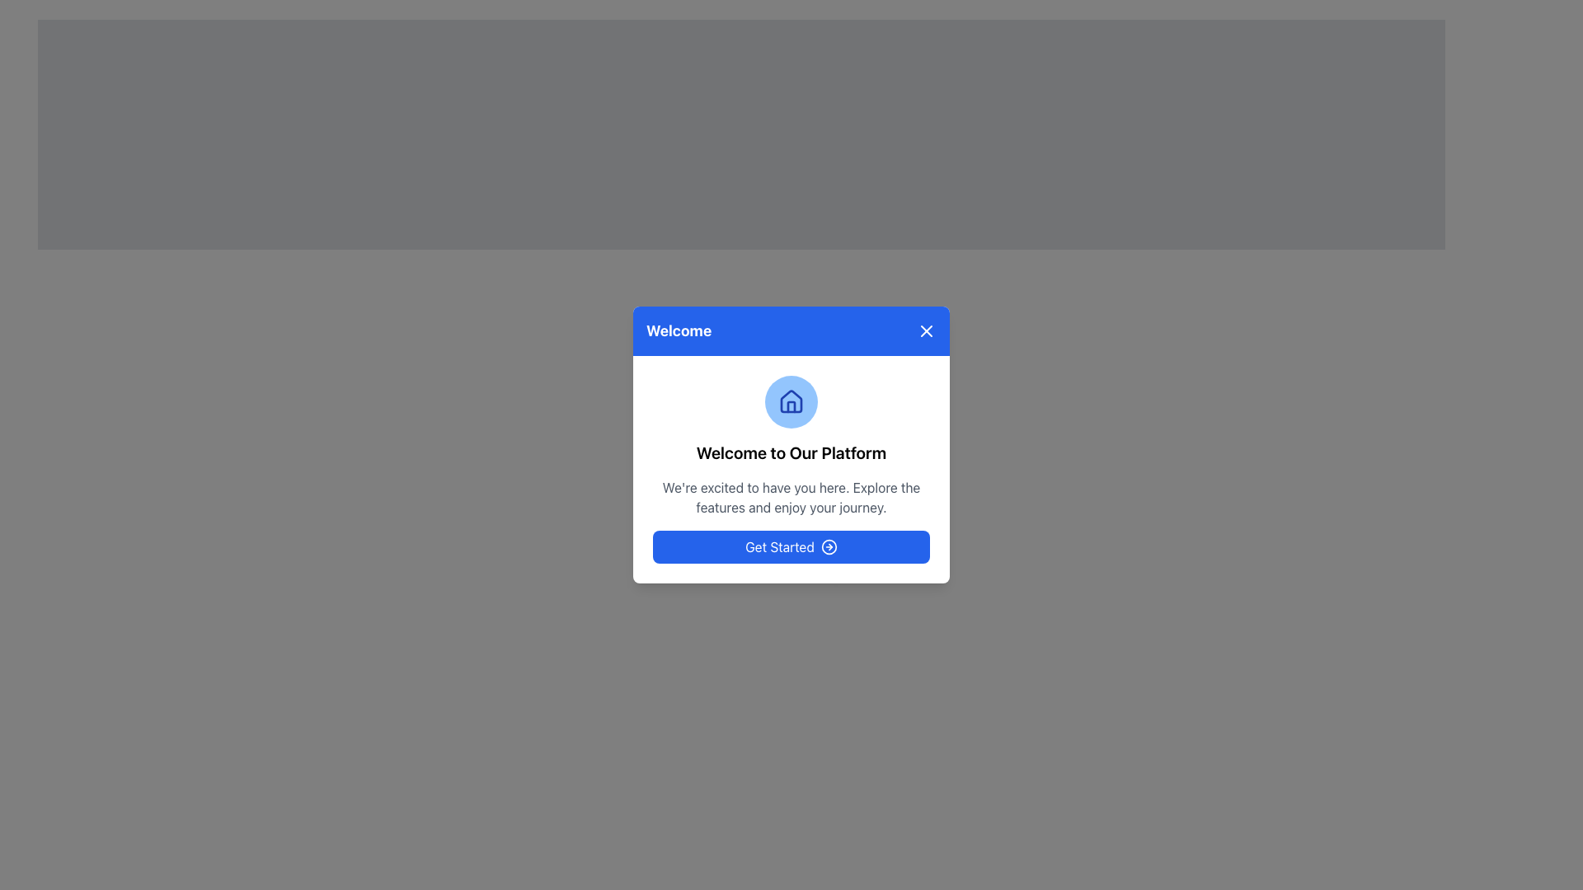  What do you see at coordinates (791, 402) in the screenshot?
I see `the home graphical icon located at the top-center of the card interface, which is positioned directly above the 'Welcome to Our Platform' text and the 'Get Started' button` at bounding box center [791, 402].